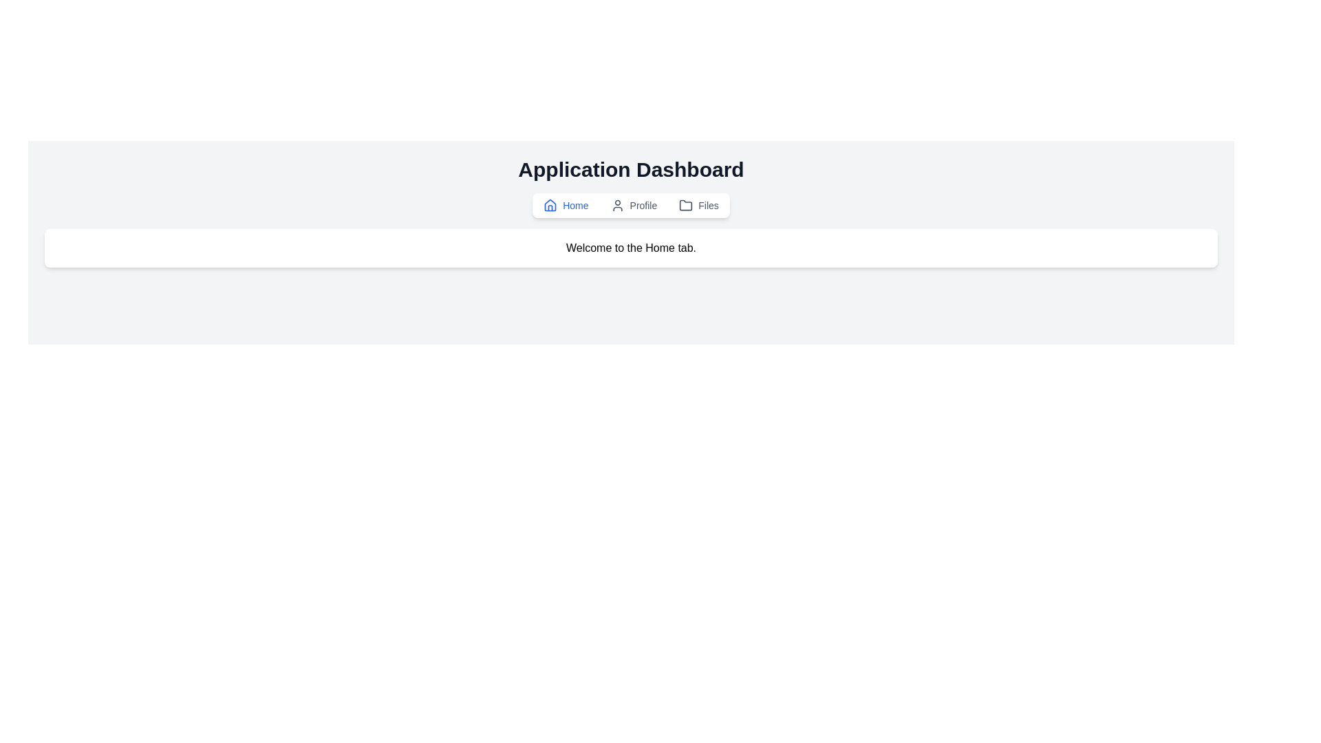 The width and height of the screenshot is (1321, 743). What do you see at coordinates (643, 206) in the screenshot?
I see `the 'Profile' text label in the navigation bar, which is styled with gray color and medium font weight, located centrally between 'Home' and 'Files'` at bounding box center [643, 206].